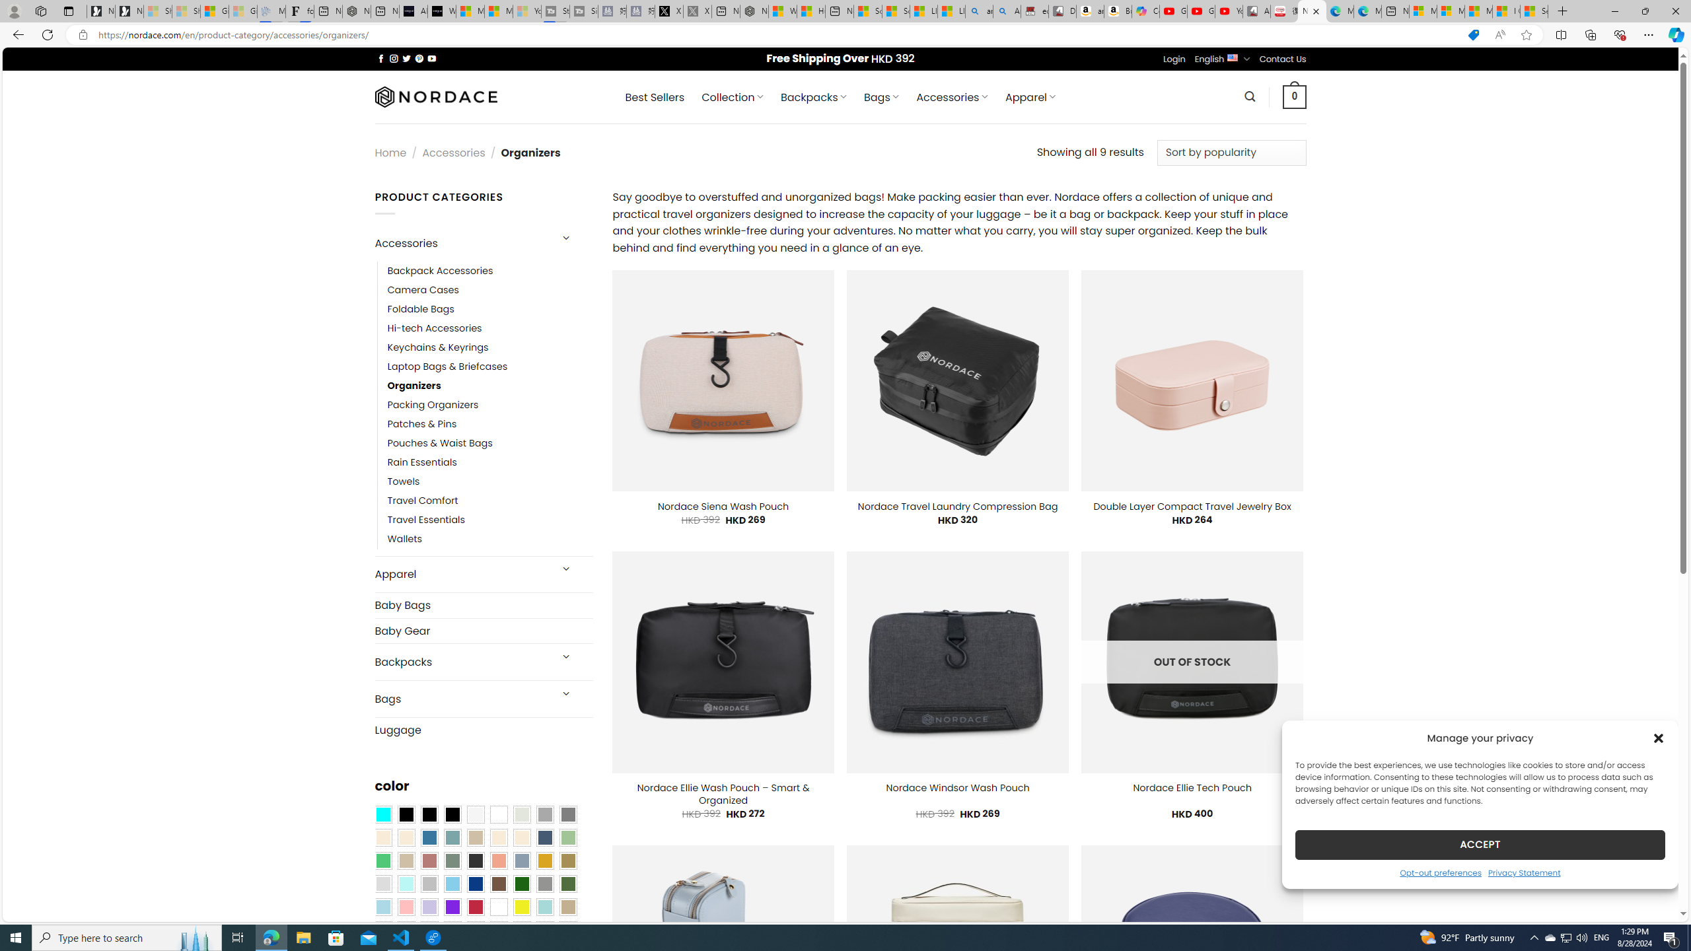 The height and width of the screenshot is (951, 1691). What do you see at coordinates (1007, 11) in the screenshot?
I see `'Amazon Echo Dot PNG - Search Images'` at bounding box center [1007, 11].